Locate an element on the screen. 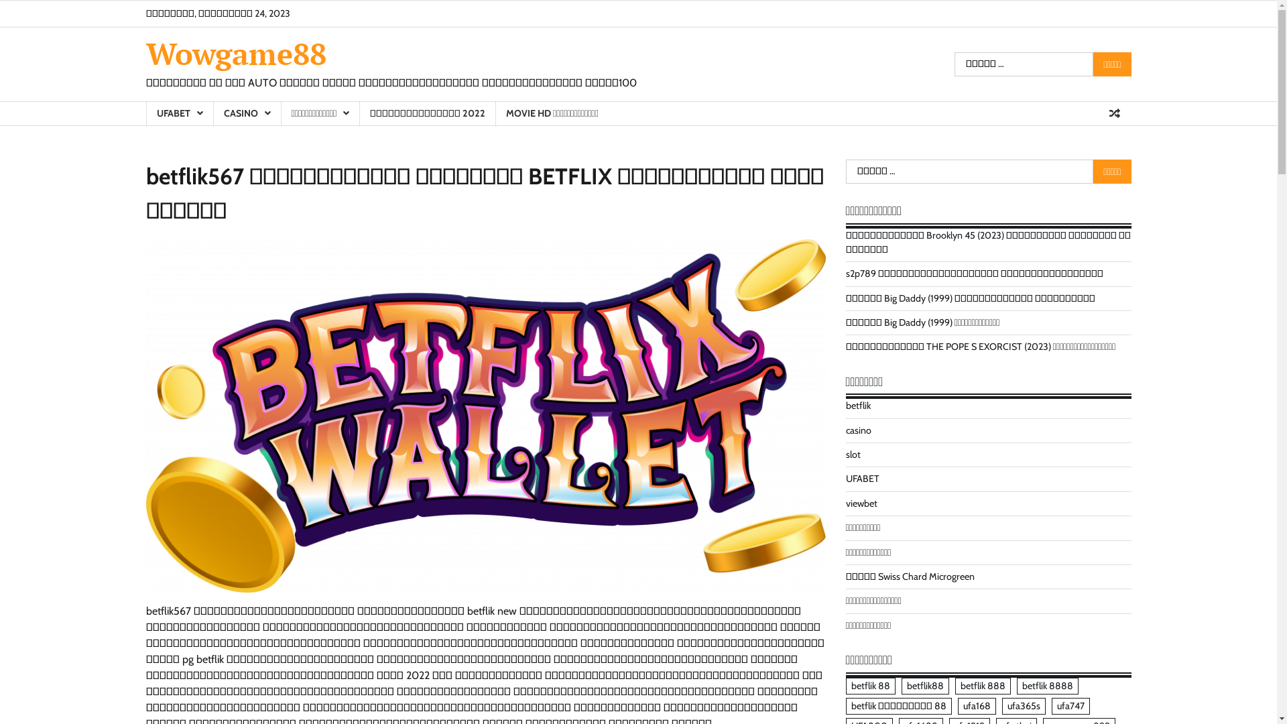 This screenshot has width=1287, height=724. 'casino' is located at coordinates (859, 430).